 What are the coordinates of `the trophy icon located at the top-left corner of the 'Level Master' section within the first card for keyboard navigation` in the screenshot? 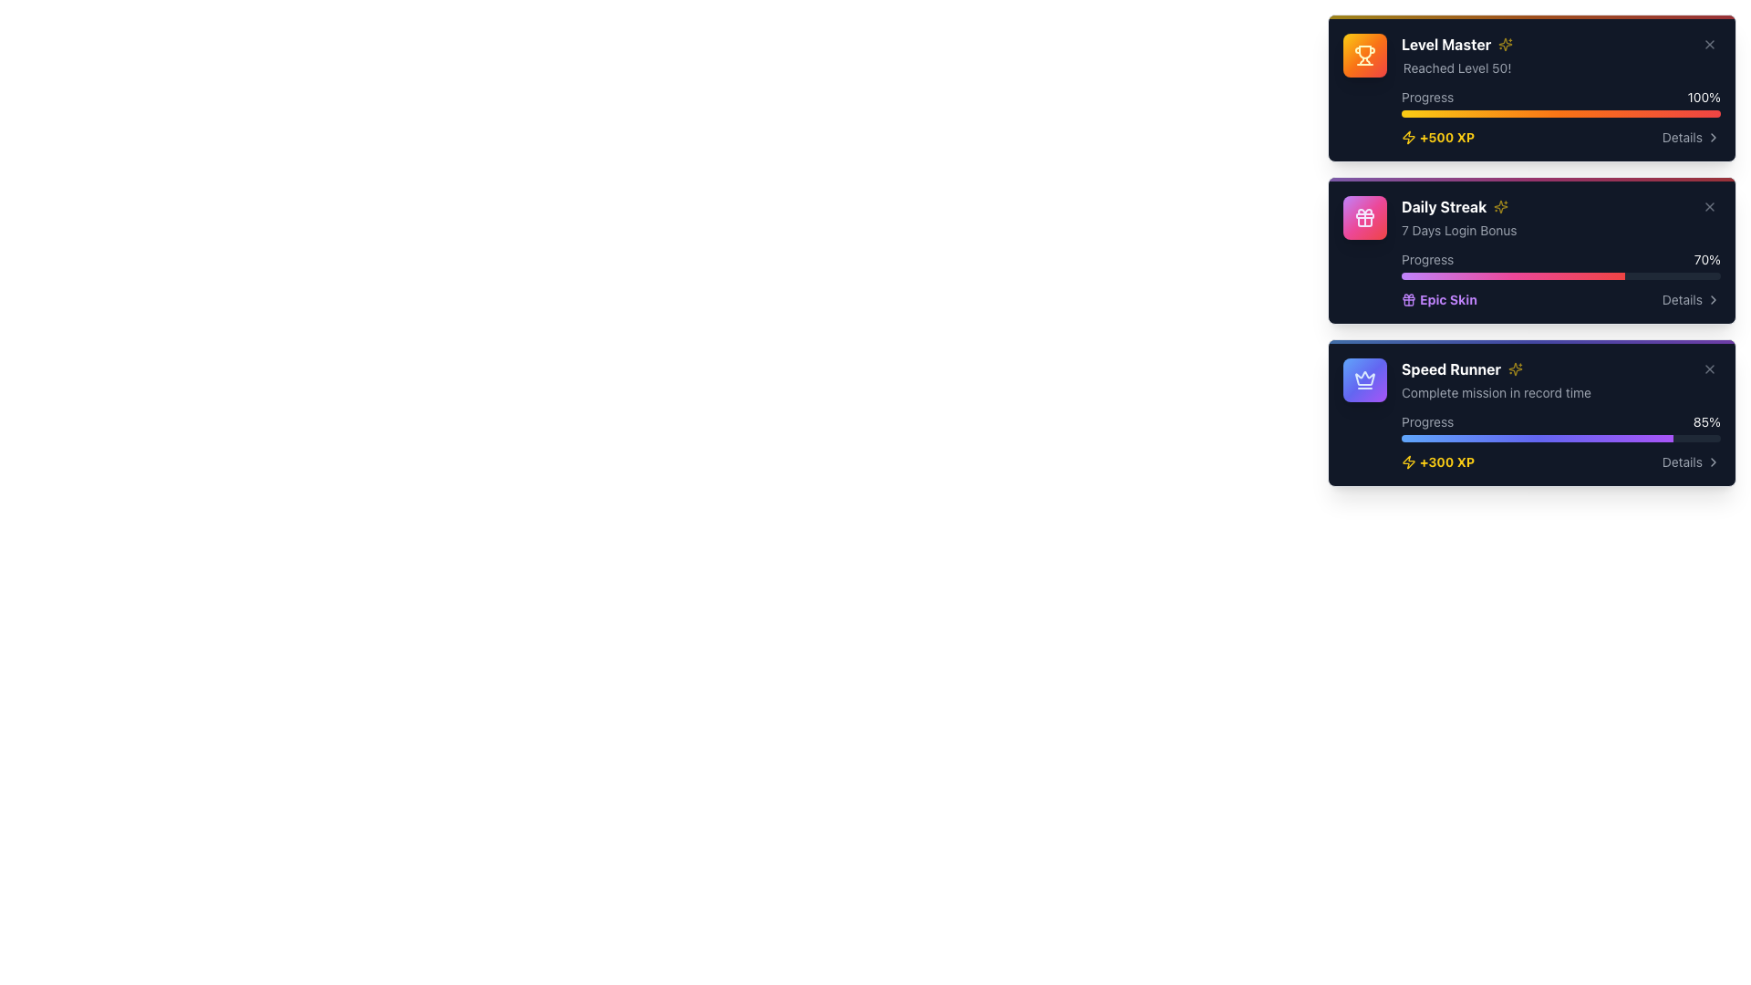 It's located at (1365, 55).